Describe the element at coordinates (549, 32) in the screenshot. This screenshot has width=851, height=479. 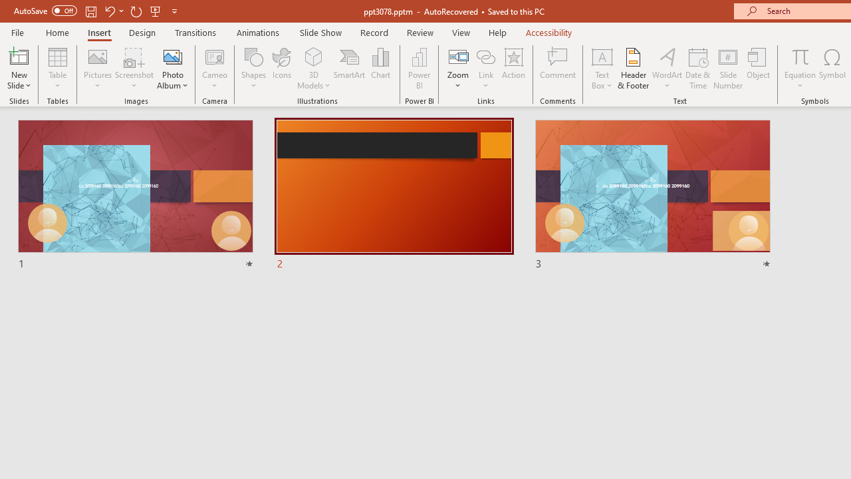
I see `'Accessibility'` at that location.